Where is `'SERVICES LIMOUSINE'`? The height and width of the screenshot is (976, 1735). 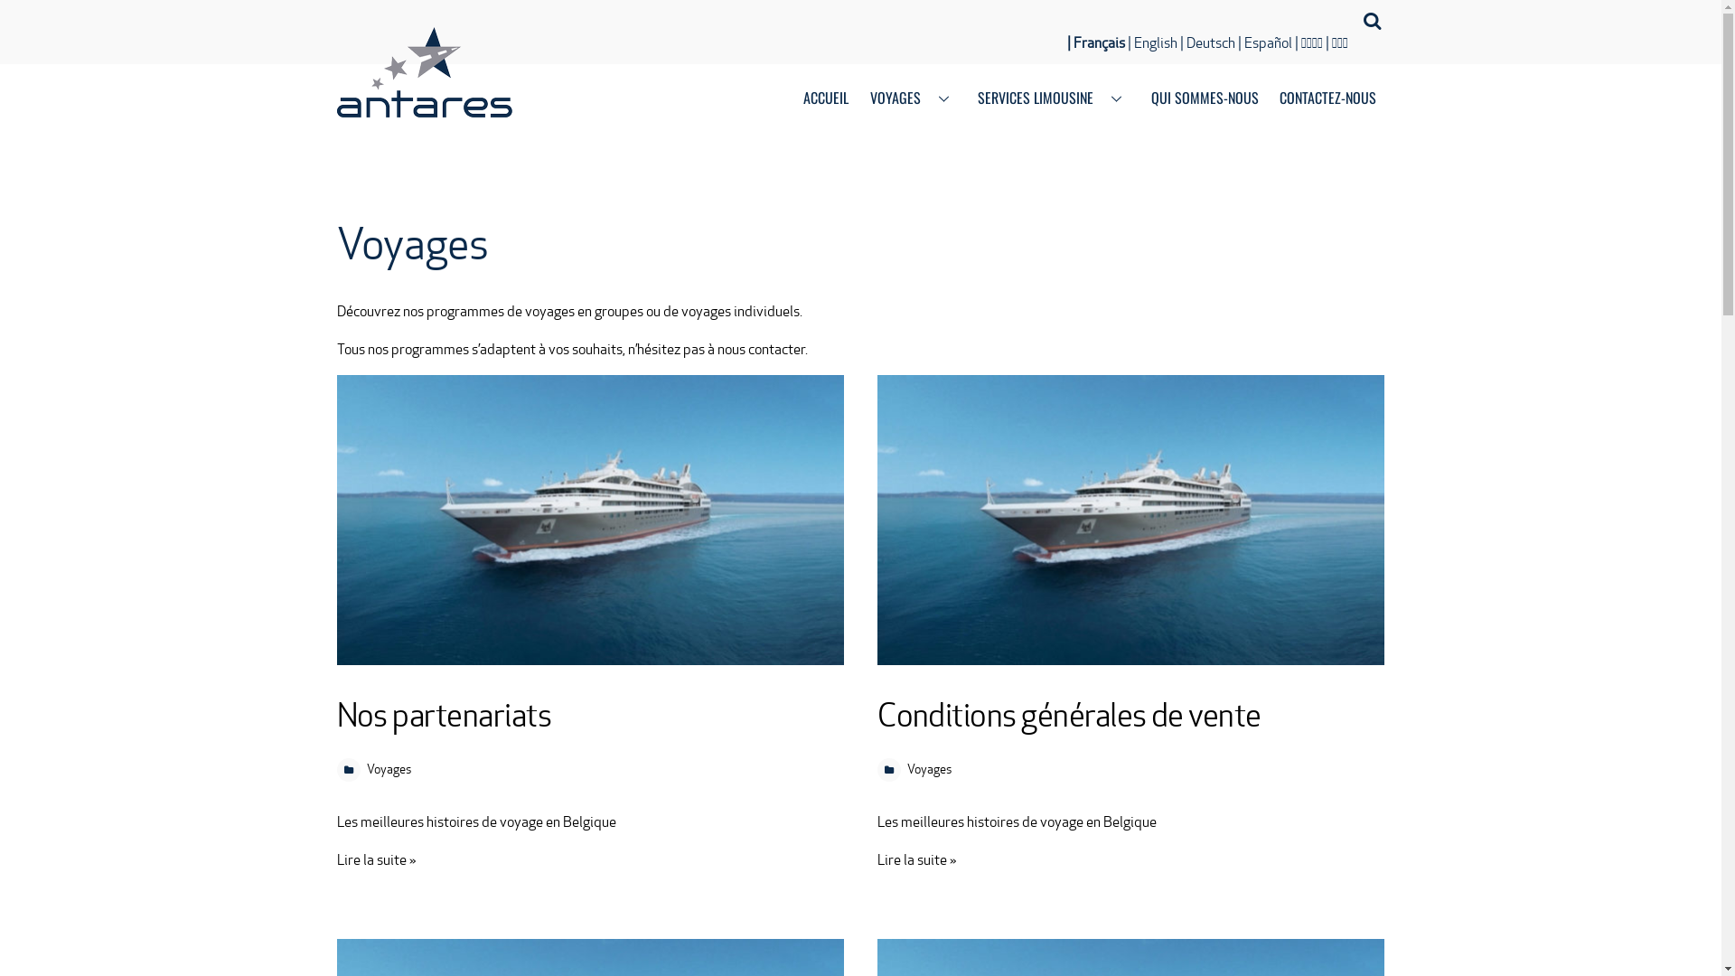 'SERVICES LIMOUSINE' is located at coordinates (969, 99).